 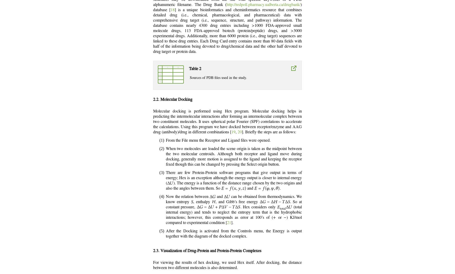 I want to click on ', and Gibb’s free energy', so click(x=237, y=202).